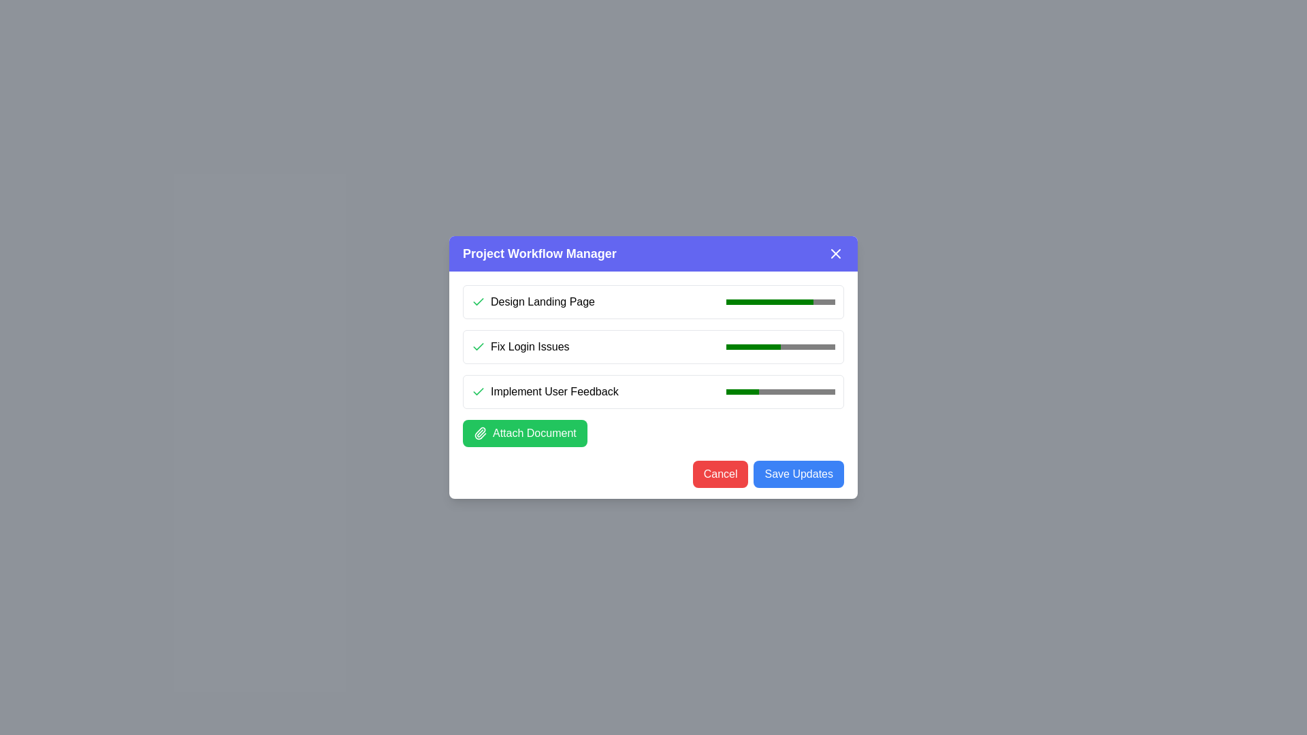 This screenshot has height=735, width=1307. Describe the element at coordinates (653, 301) in the screenshot. I see `the task name 'Design Landing Page' in the first task progress item of the vertical list in the 'Project Workflow Manager' section` at that location.